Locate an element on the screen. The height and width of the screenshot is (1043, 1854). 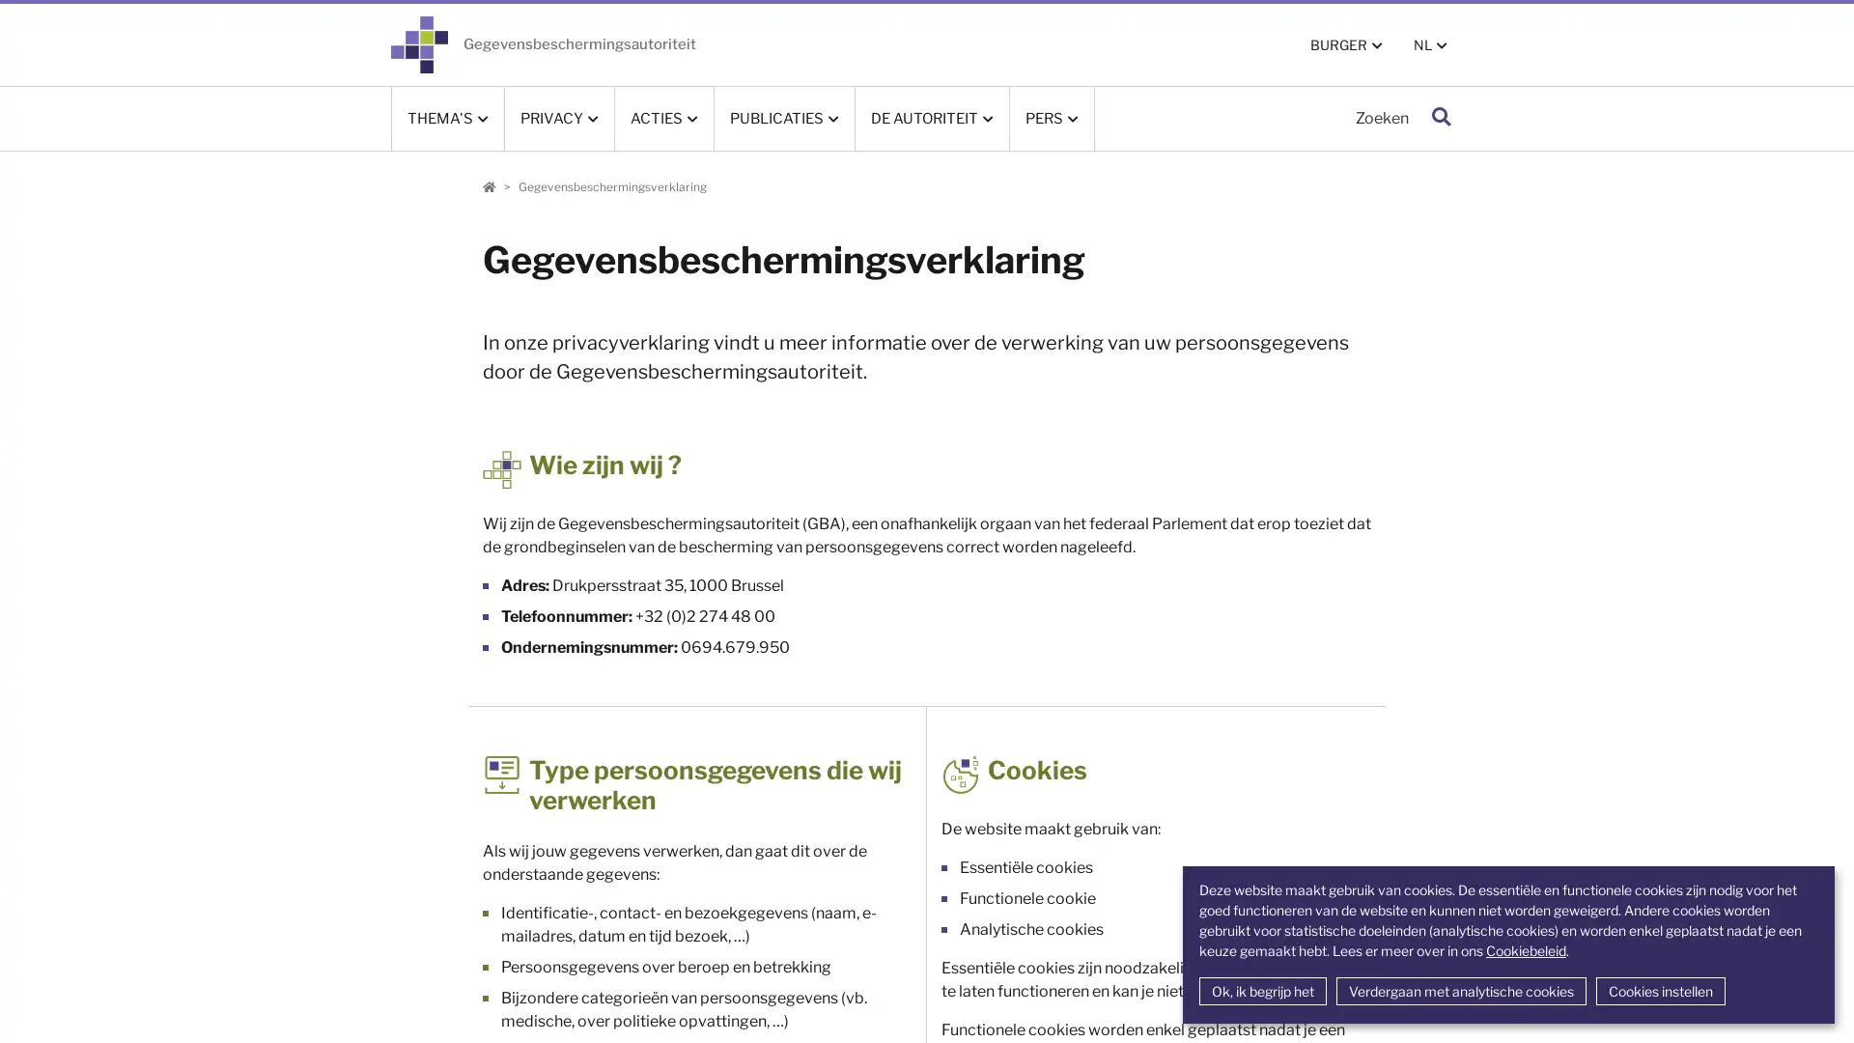
Cookies instellen is located at coordinates (1658, 991).